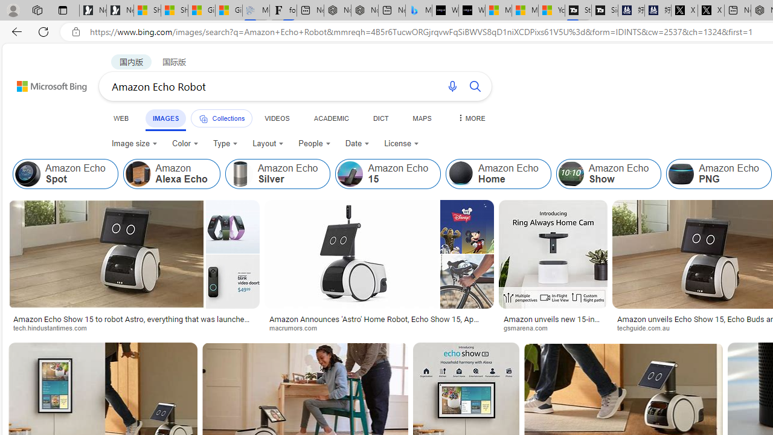  Describe the element at coordinates (170, 174) in the screenshot. I see `'Amazon Alexa Echo'` at that location.